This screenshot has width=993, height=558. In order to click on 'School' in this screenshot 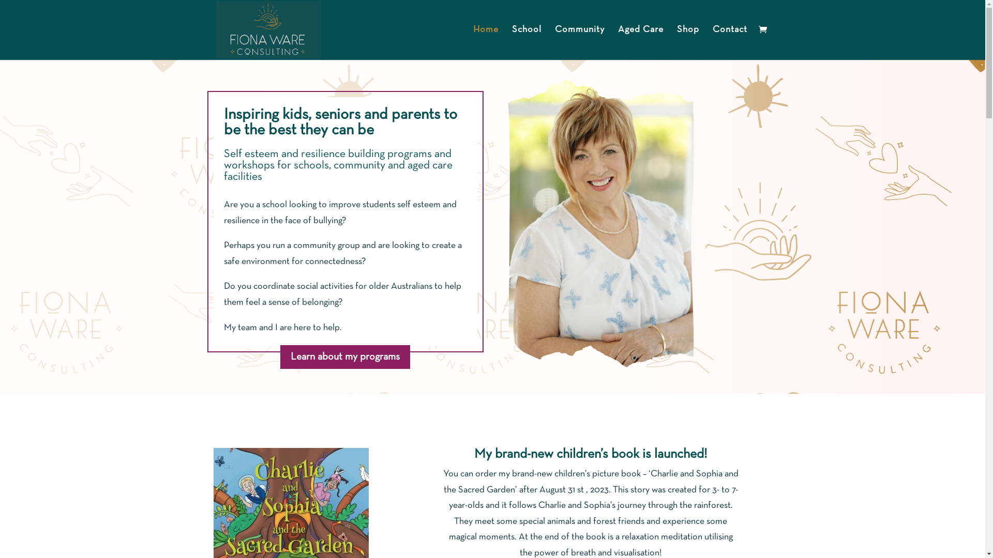, I will do `click(526, 42)`.